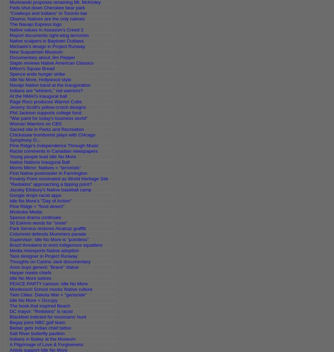 Image resolution: width=334 pixels, height=352 pixels. I want to click on 'DC mayor: "Redskins" is racist', so click(41, 311).